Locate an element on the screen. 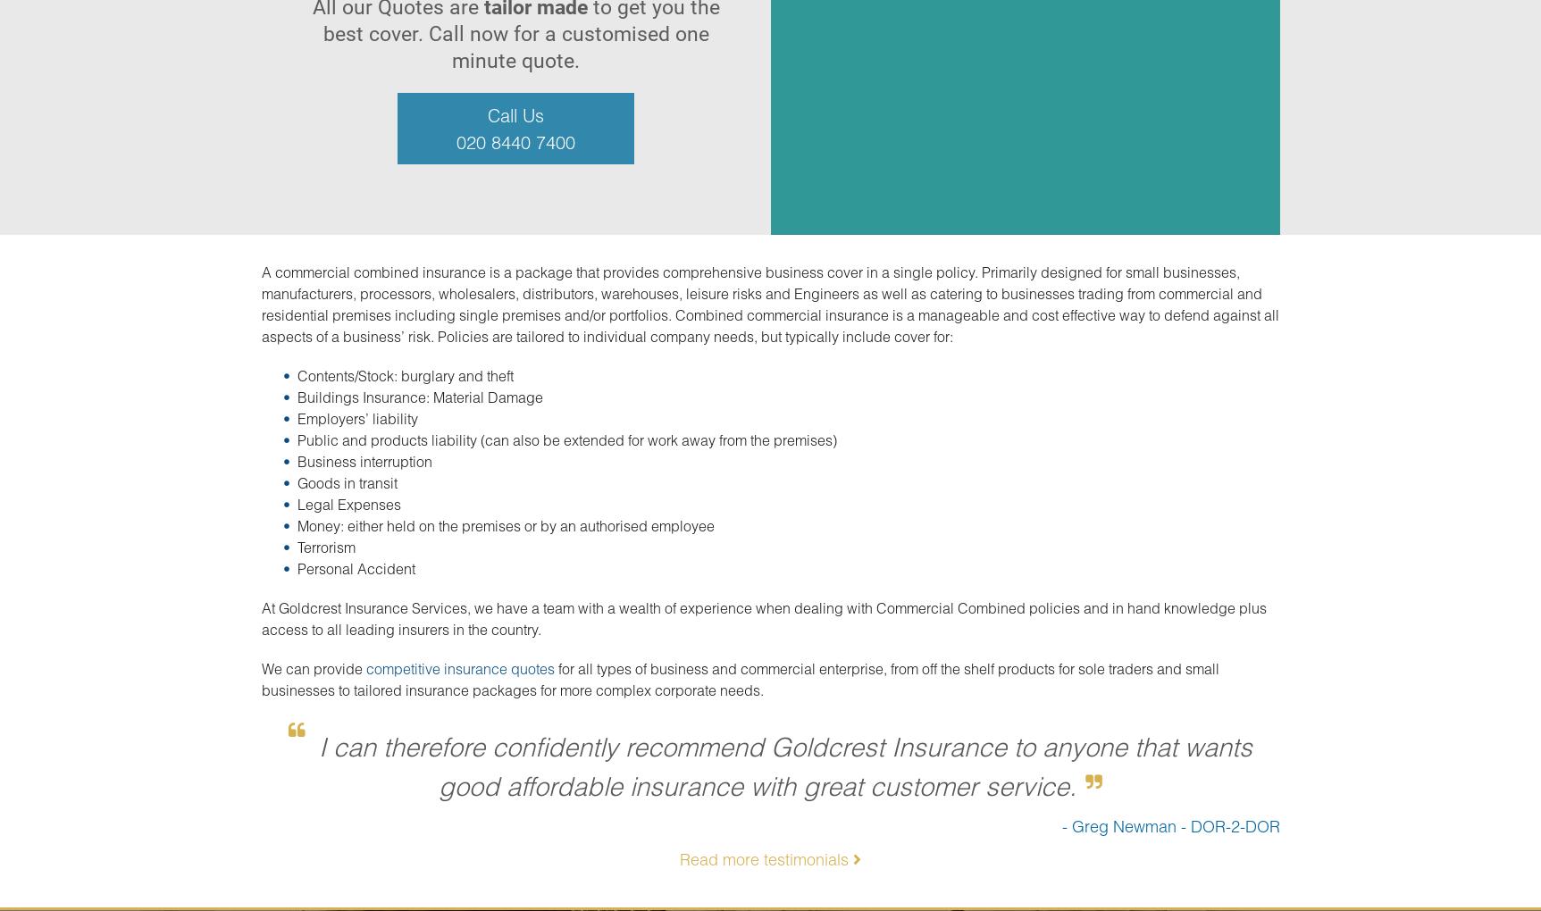  'Public and products liability (can also be extended for work away from the premises)' is located at coordinates (565, 439).